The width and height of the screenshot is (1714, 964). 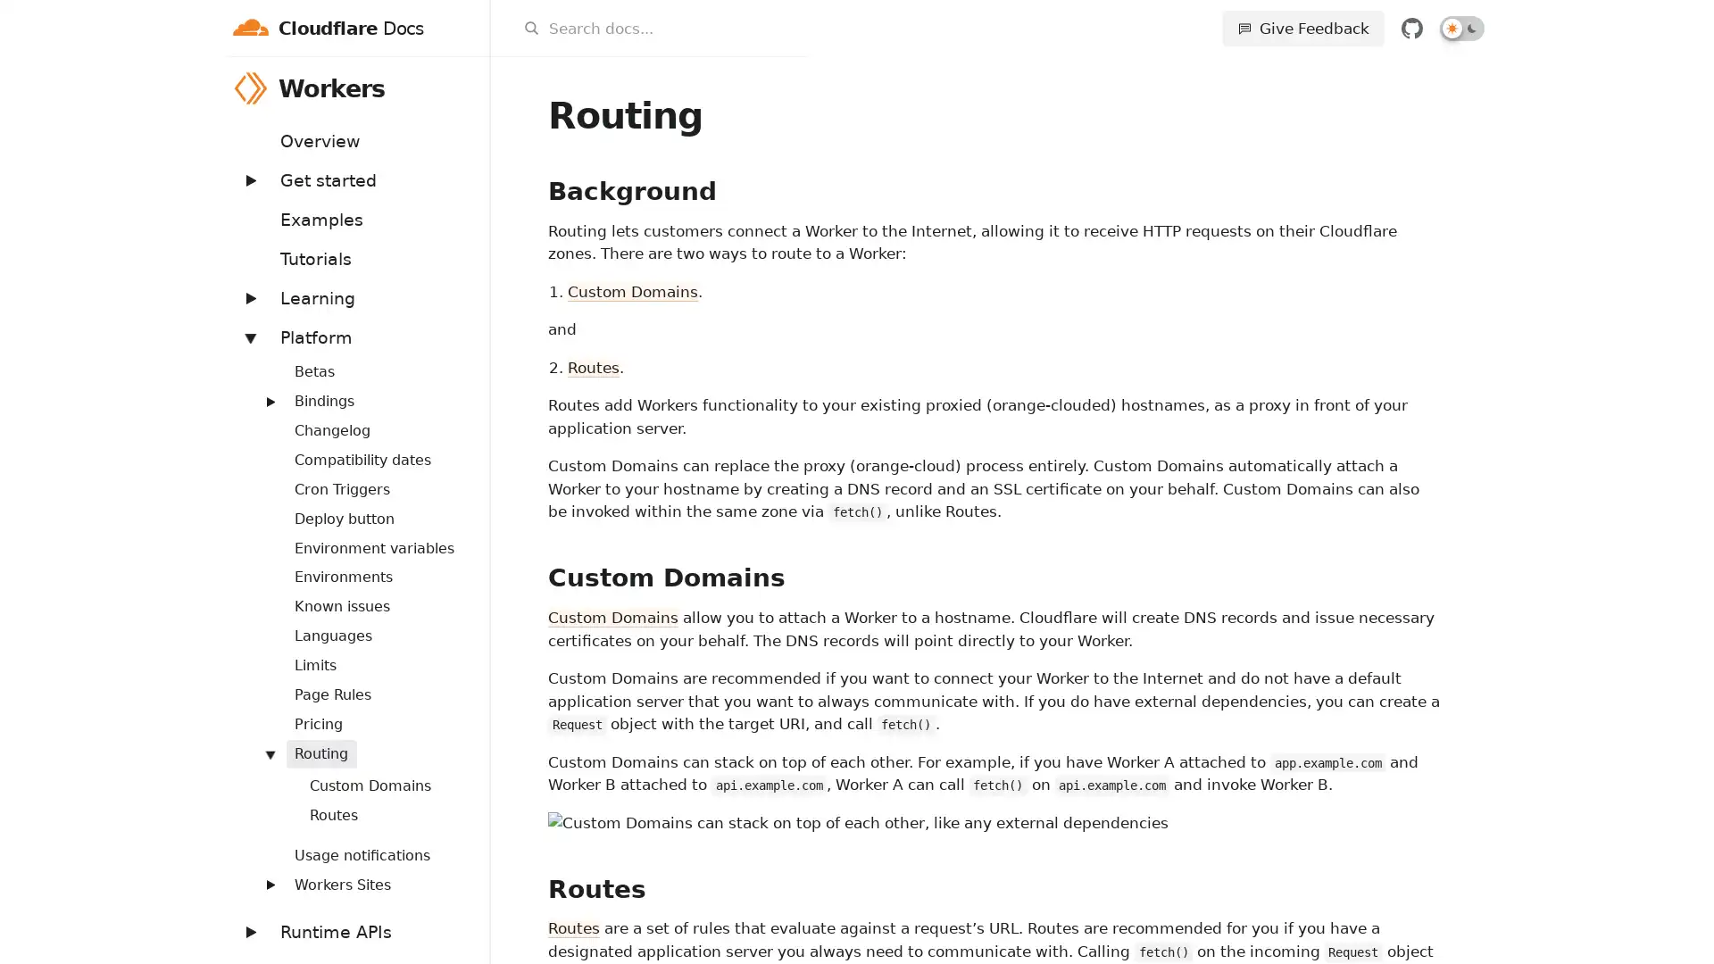 What do you see at coordinates (248, 931) in the screenshot?
I see `Expand: Runtime APIs` at bounding box center [248, 931].